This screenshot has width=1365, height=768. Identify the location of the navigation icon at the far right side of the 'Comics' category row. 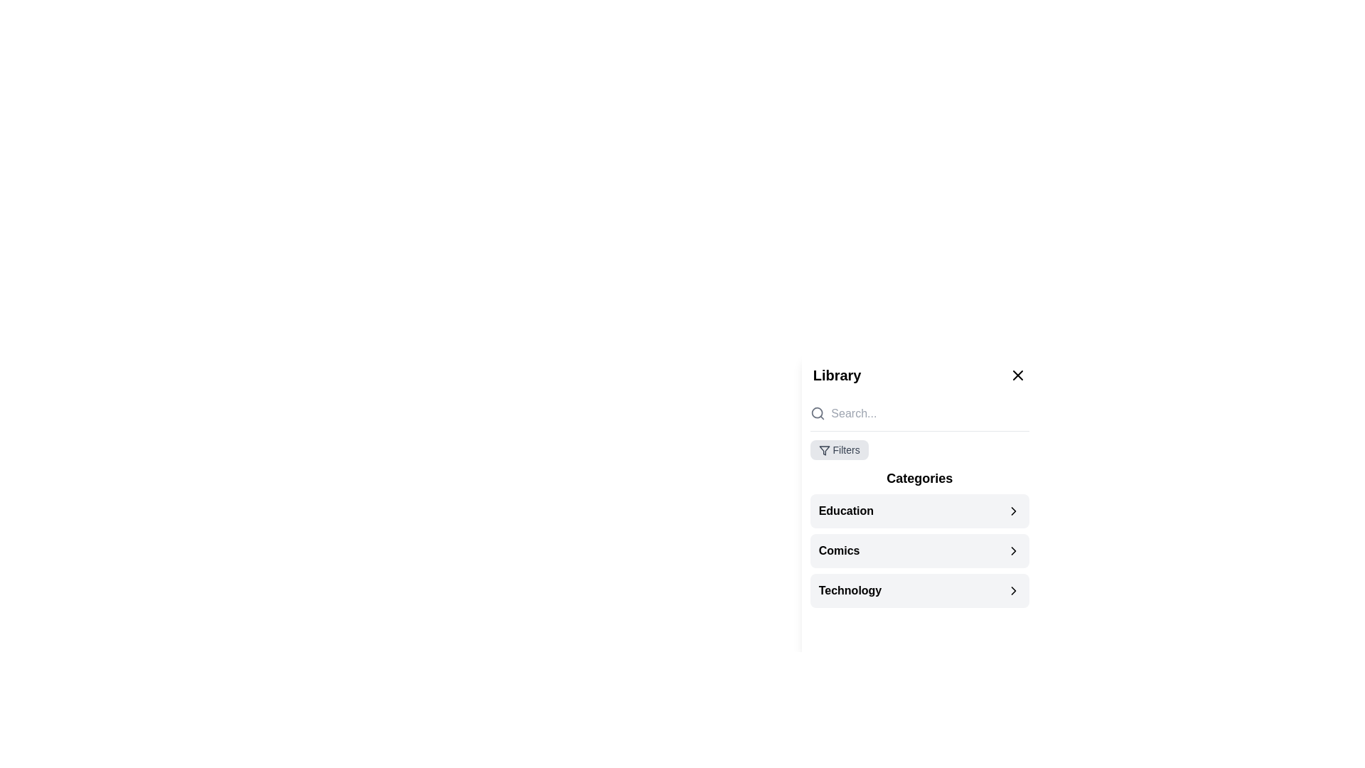
(1012, 550).